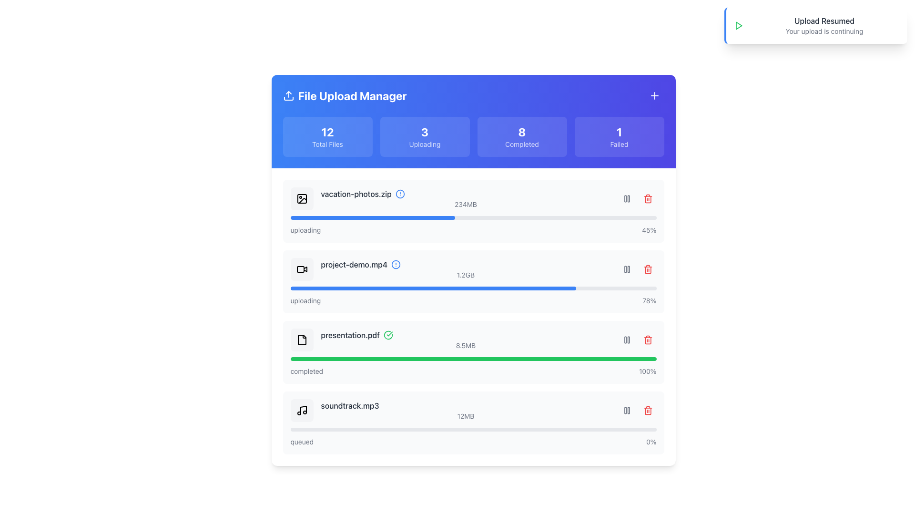  I want to click on the second list item entry displaying file upload details, so click(466, 269).